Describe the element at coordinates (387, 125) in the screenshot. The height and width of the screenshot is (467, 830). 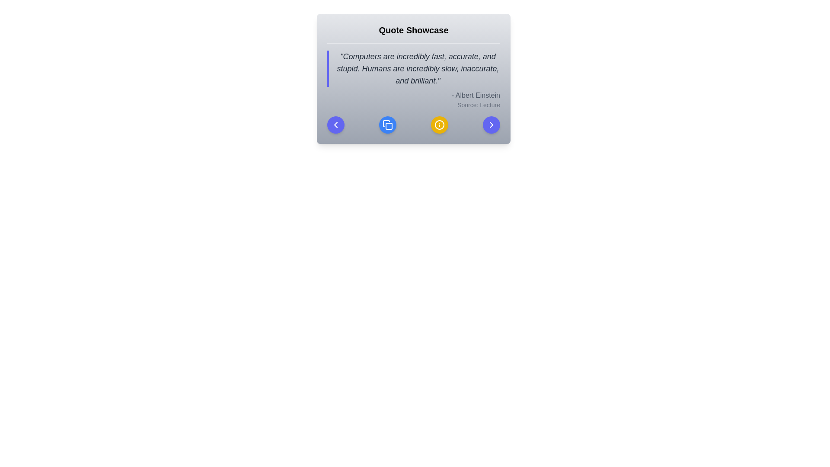
I see `the middle circular button in the row of three buttons at the bottom of the card interface` at that location.